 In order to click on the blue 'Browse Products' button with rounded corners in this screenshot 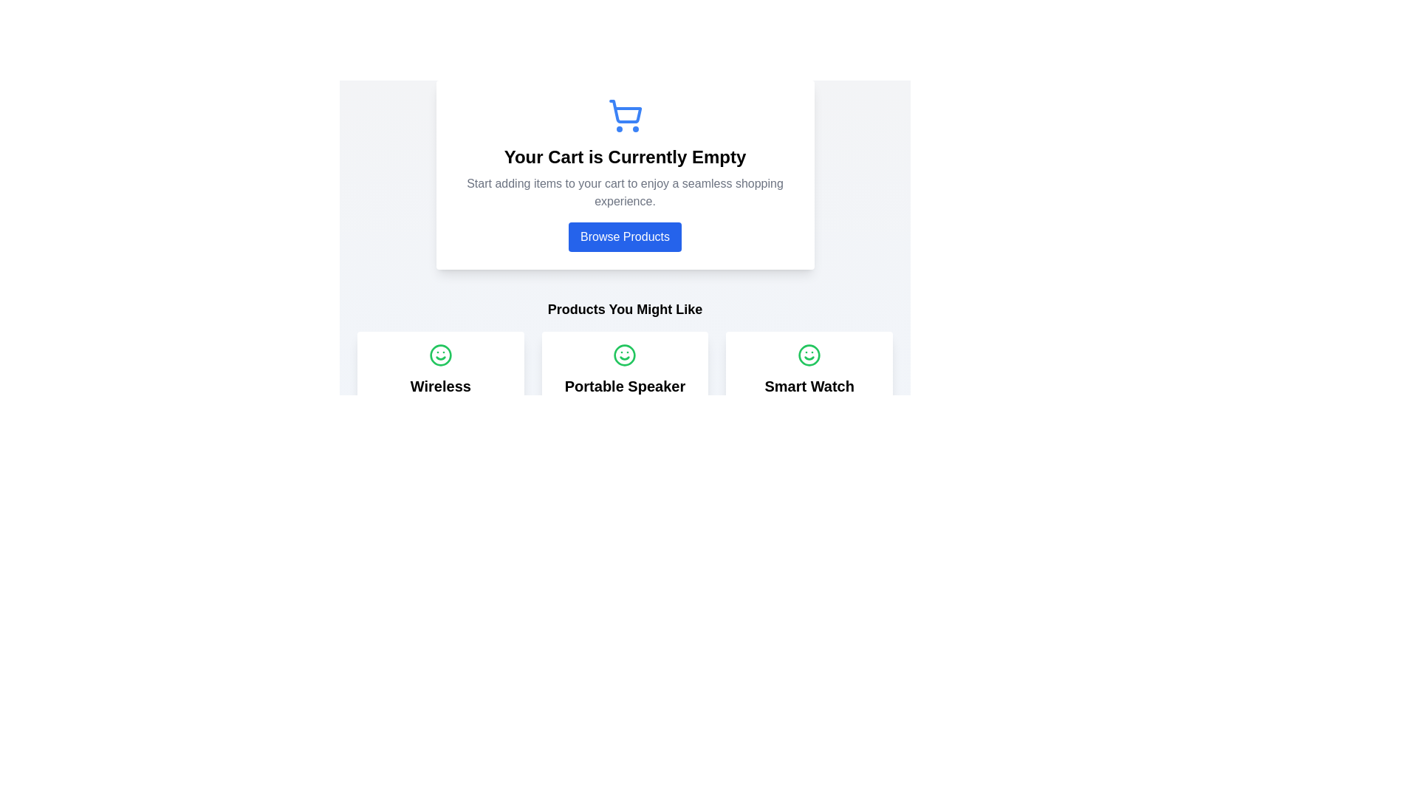, I will do `click(625, 236)`.